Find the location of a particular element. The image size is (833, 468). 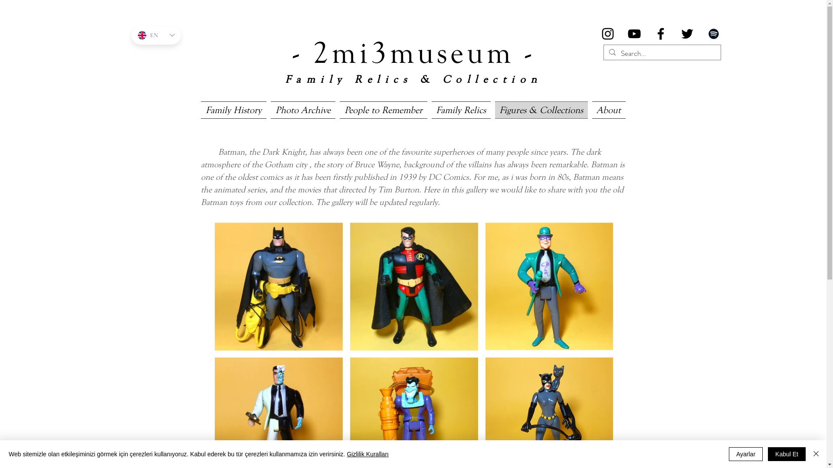

'Ayarlar' is located at coordinates (745, 454).